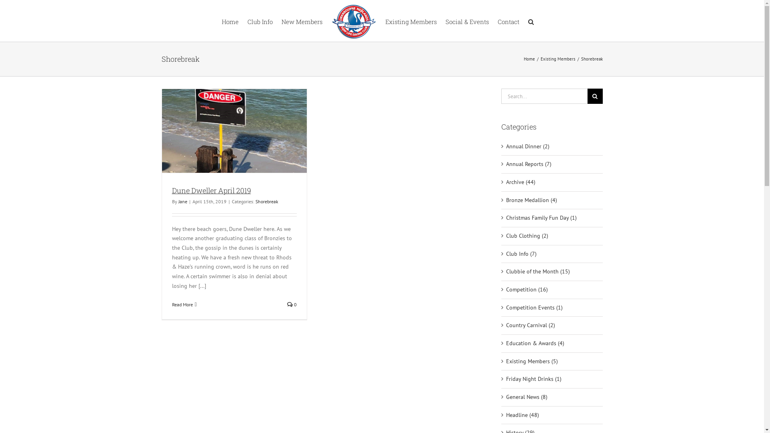 Image resolution: width=770 pixels, height=433 pixels. What do you see at coordinates (552, 379) in the screenshot?
I see `'Friday Night Drinks (1)'` at bounding box center [552, 379].